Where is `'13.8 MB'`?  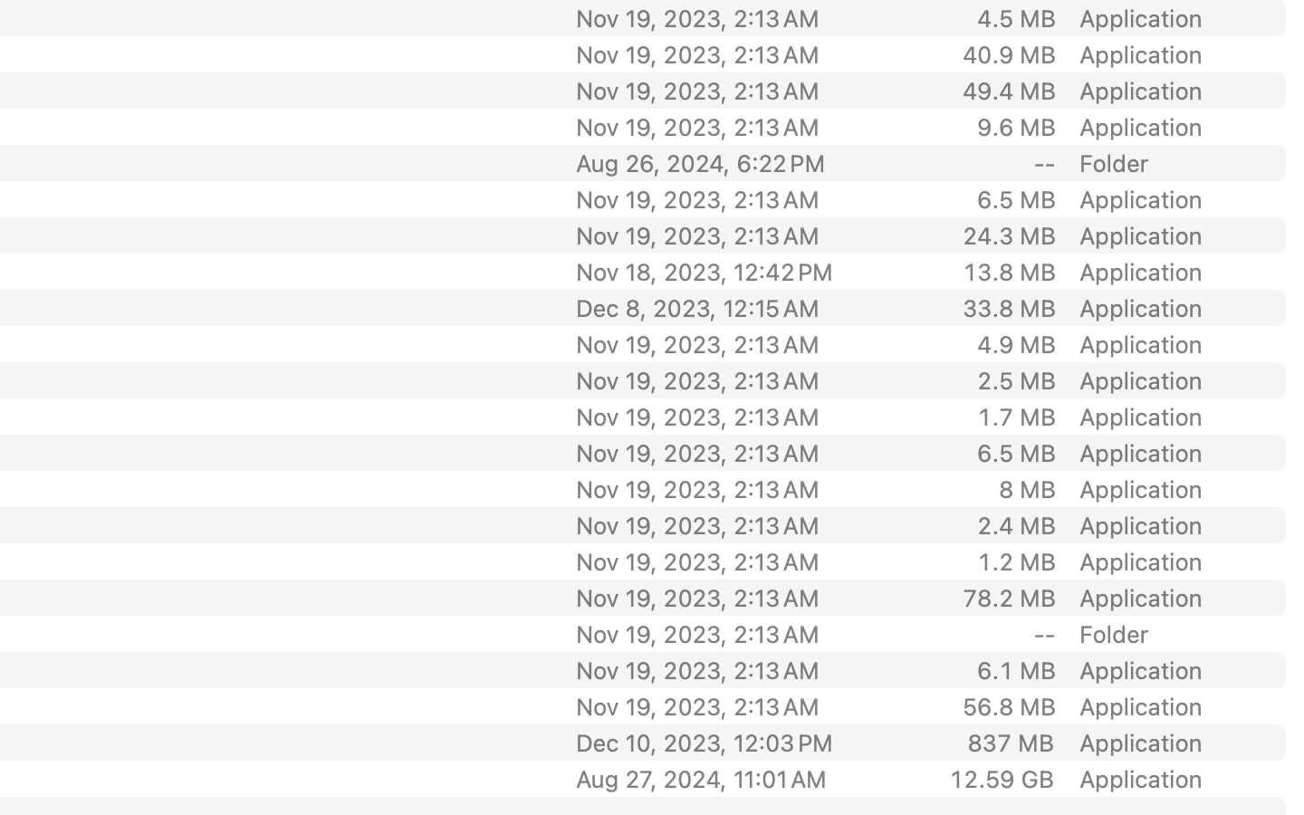 '13.8 MB' is located at coordinates (1007, 270).